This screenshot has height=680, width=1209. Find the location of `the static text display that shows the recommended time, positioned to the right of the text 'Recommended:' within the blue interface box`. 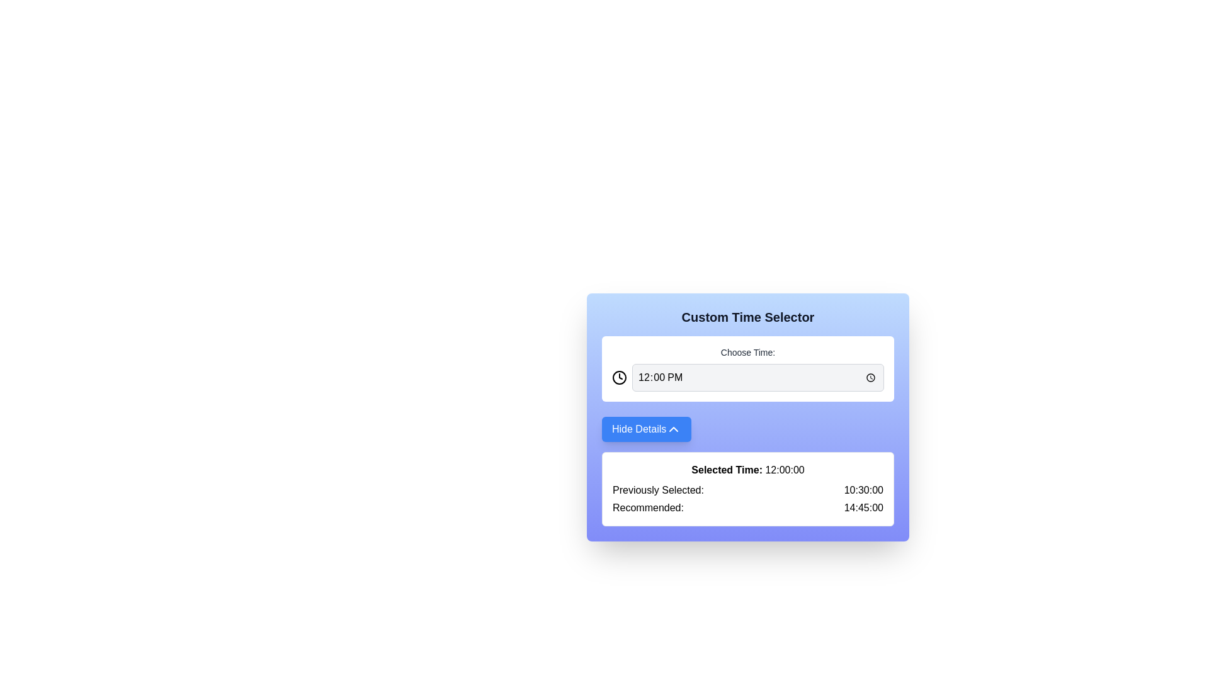

the static text display that shows the recommended time, positioned to the right of the text 'Recommended:' within the blue interface box is located at coordinates (863, 507).